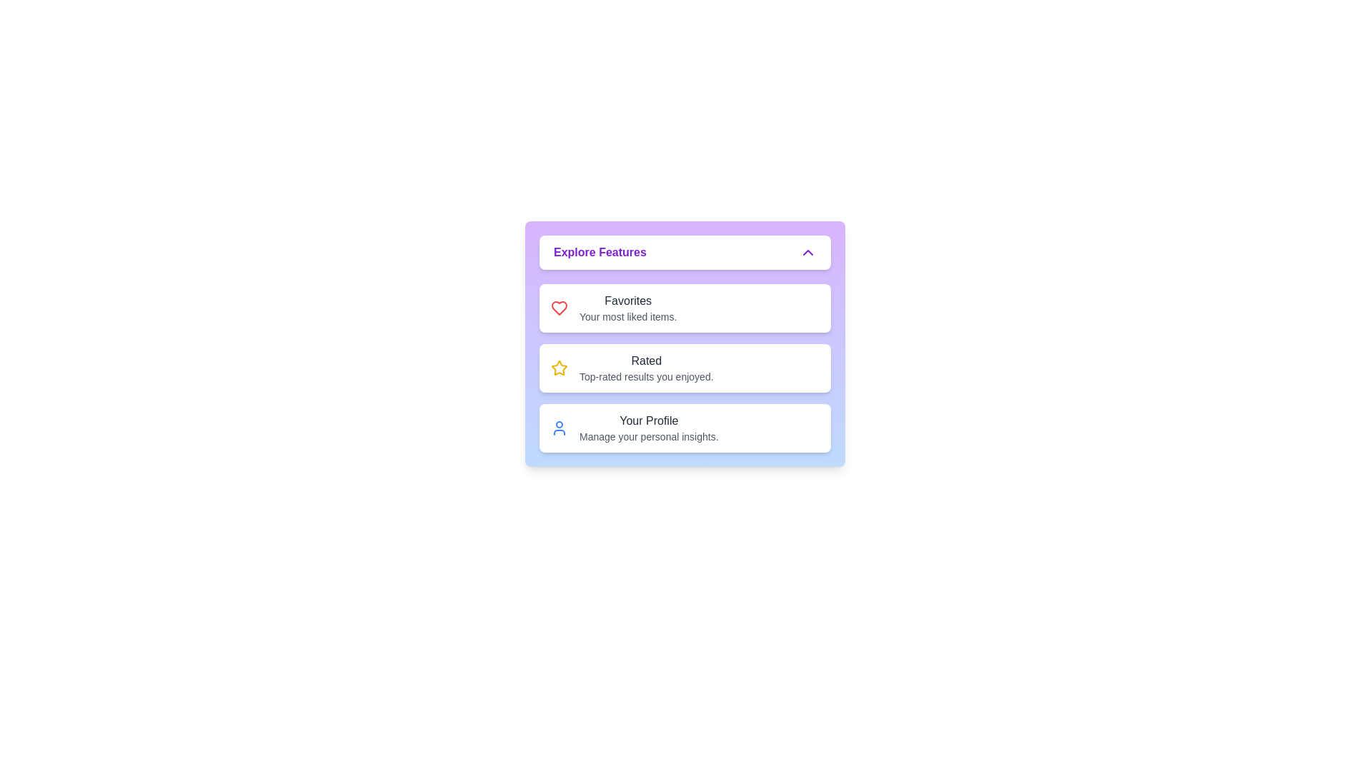 The width and height of the screenshot is (1372, 771). Describe the element at coordinates (645, 376) in the screenshot. I see `the text label displaying 'Top-rated results you enjoyed.' which is styled in gray and positioned below the heading 'Rated.'` at that location.